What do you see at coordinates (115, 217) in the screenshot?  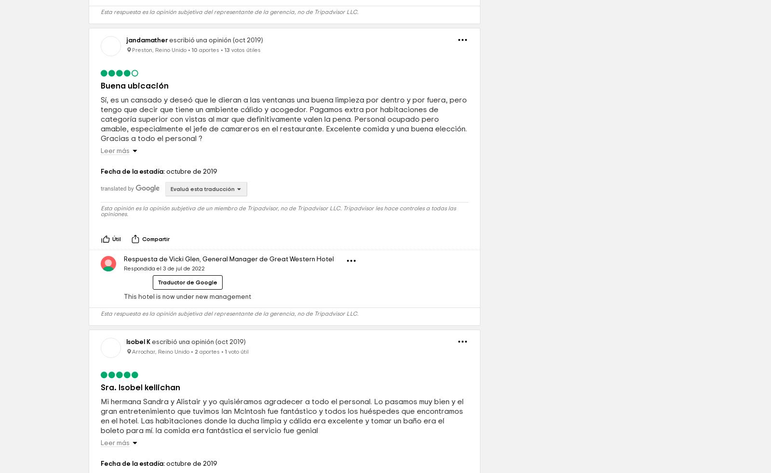 I see `'Leer más'` at bounding box center [115, 217].